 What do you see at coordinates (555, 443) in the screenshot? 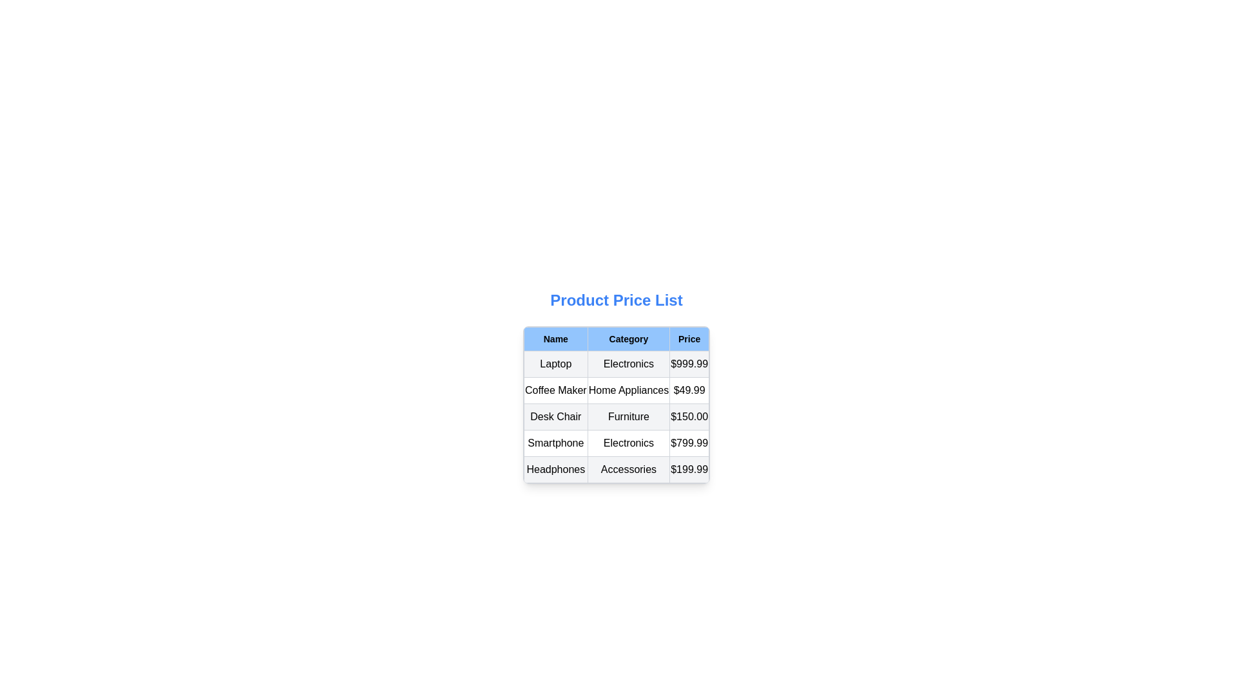
I see `the 'Smartphone' static text in the second row of the 'Product Price List' table, which serves as the product name identifier` at bounding box center [555, 443].